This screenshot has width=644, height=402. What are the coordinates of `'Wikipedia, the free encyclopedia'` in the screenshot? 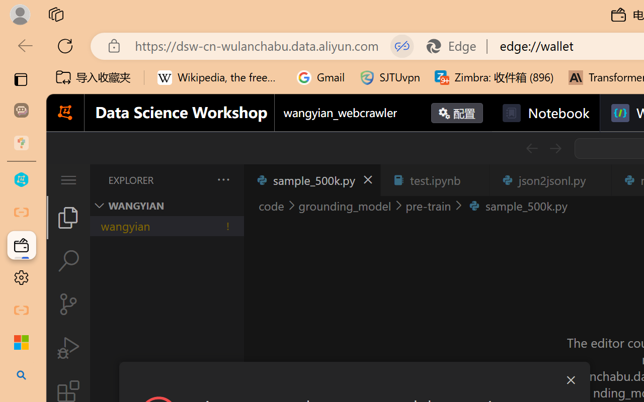 It's located at (219, 77).